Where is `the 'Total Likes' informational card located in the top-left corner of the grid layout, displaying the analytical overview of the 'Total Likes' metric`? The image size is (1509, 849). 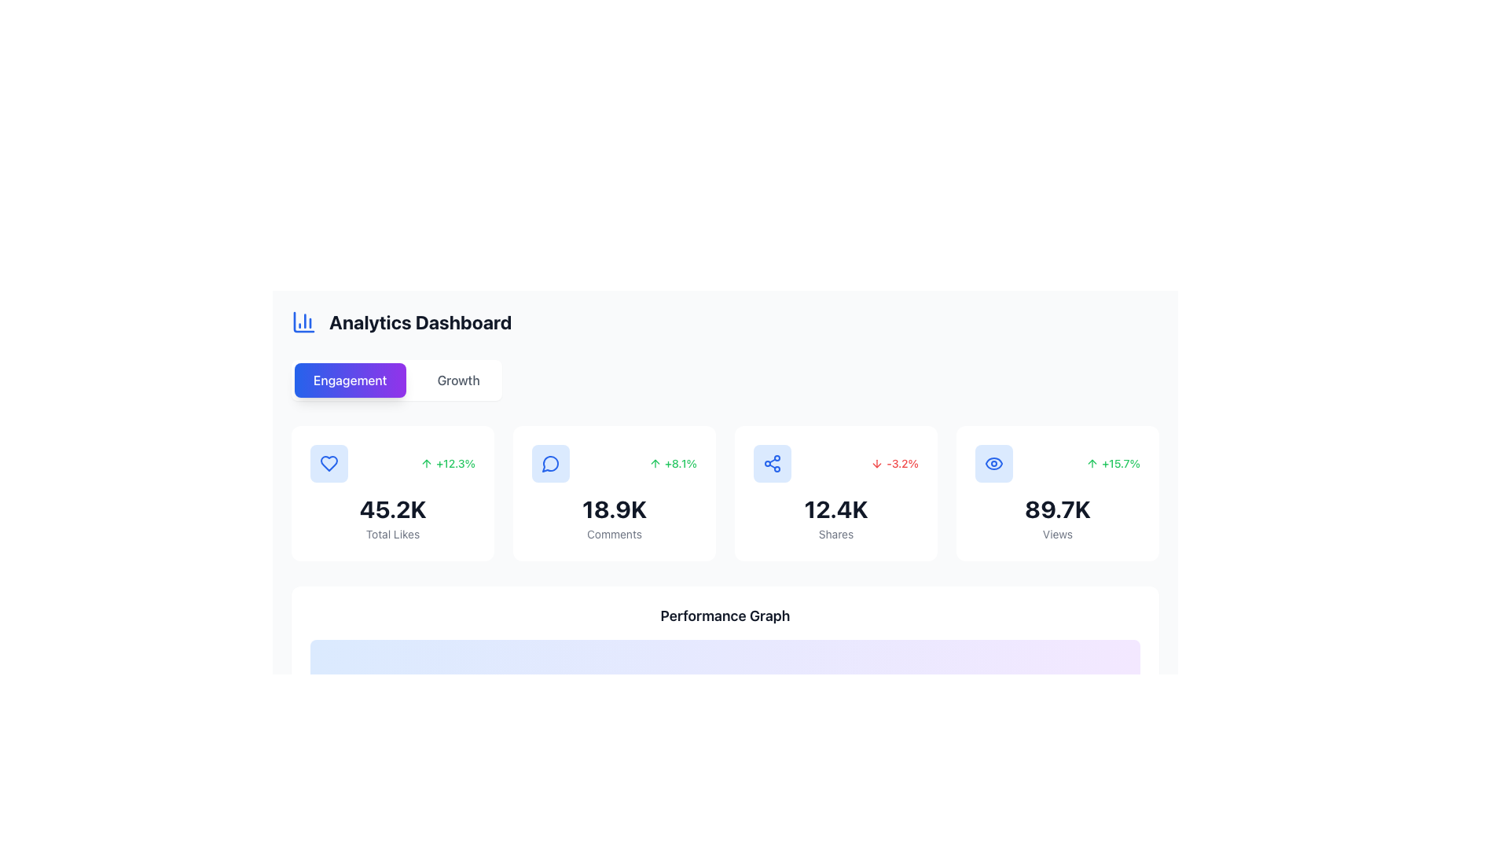 the 'Total Likes' informational card located in the top-left corner of the grid layout, displaying the analytical overview of the 'Total Likes' metric is located at coordinates (392, 493).